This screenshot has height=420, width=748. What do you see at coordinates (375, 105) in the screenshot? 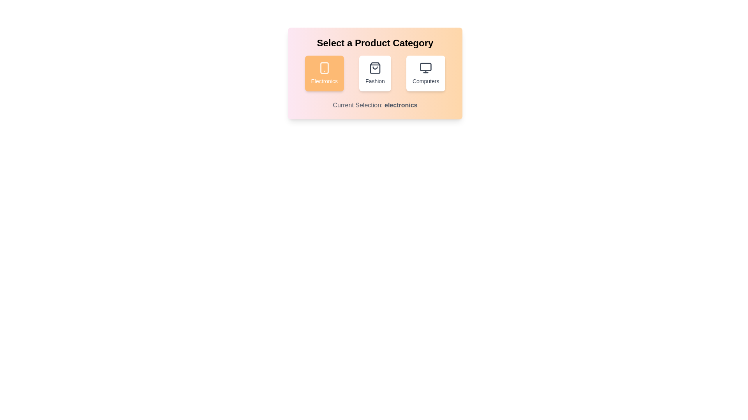
I see `the text 'Current Selection: electronics' for inspection or copying` at bounding box center [375, 105].